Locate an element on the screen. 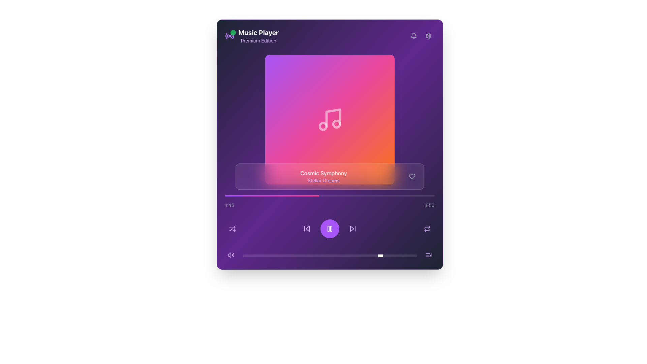 The height and width of the screenshot is (364, 647). the skip button located centrally is located at coordinates (306, 228).